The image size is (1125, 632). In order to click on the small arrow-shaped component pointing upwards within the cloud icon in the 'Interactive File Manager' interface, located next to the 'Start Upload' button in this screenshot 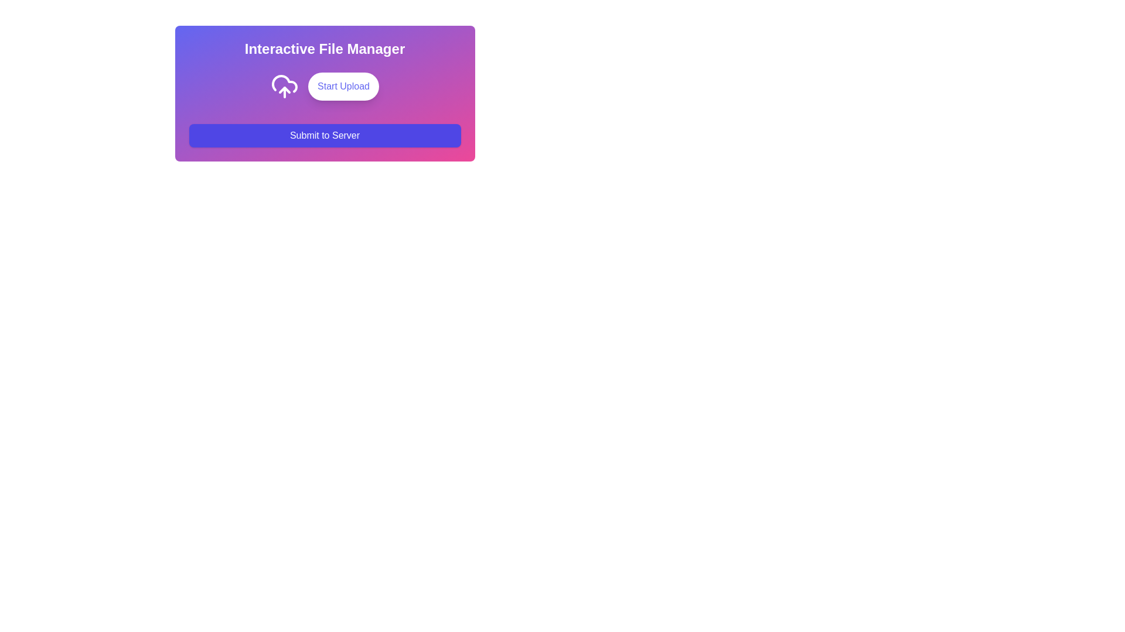, I will do `click(284, 90)`.